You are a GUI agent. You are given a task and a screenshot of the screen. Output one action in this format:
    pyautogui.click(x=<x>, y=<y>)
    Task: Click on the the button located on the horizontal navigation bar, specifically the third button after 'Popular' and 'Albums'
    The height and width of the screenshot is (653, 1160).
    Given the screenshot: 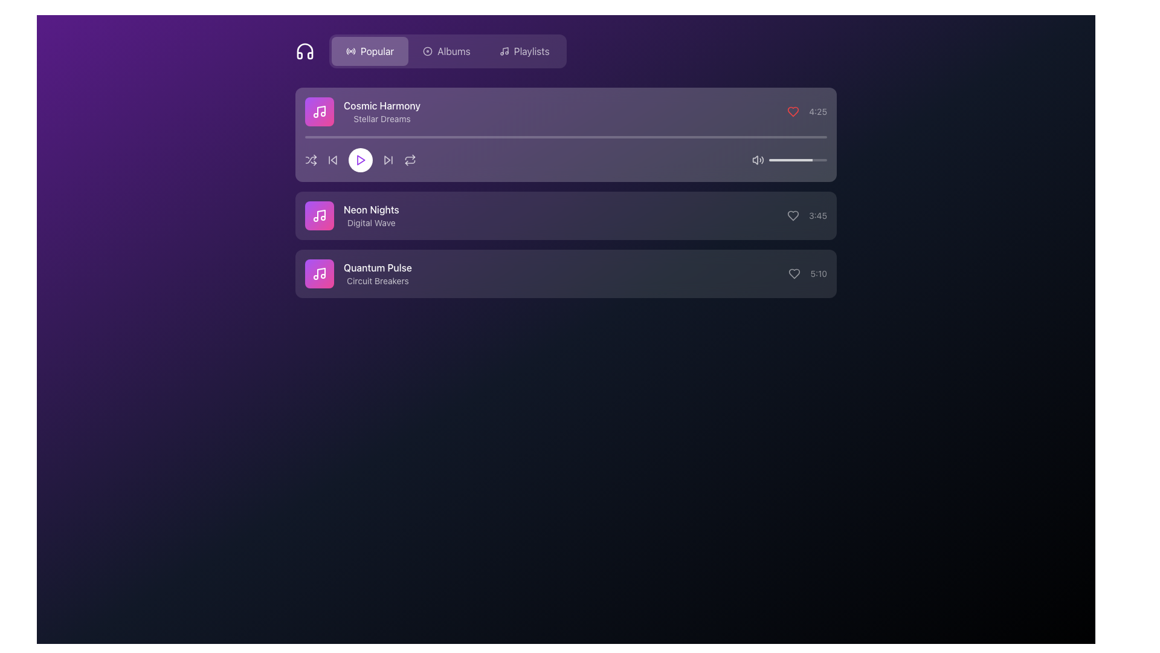 What is the action you would take?
    pyautogui.click(x=524, y=50)
    